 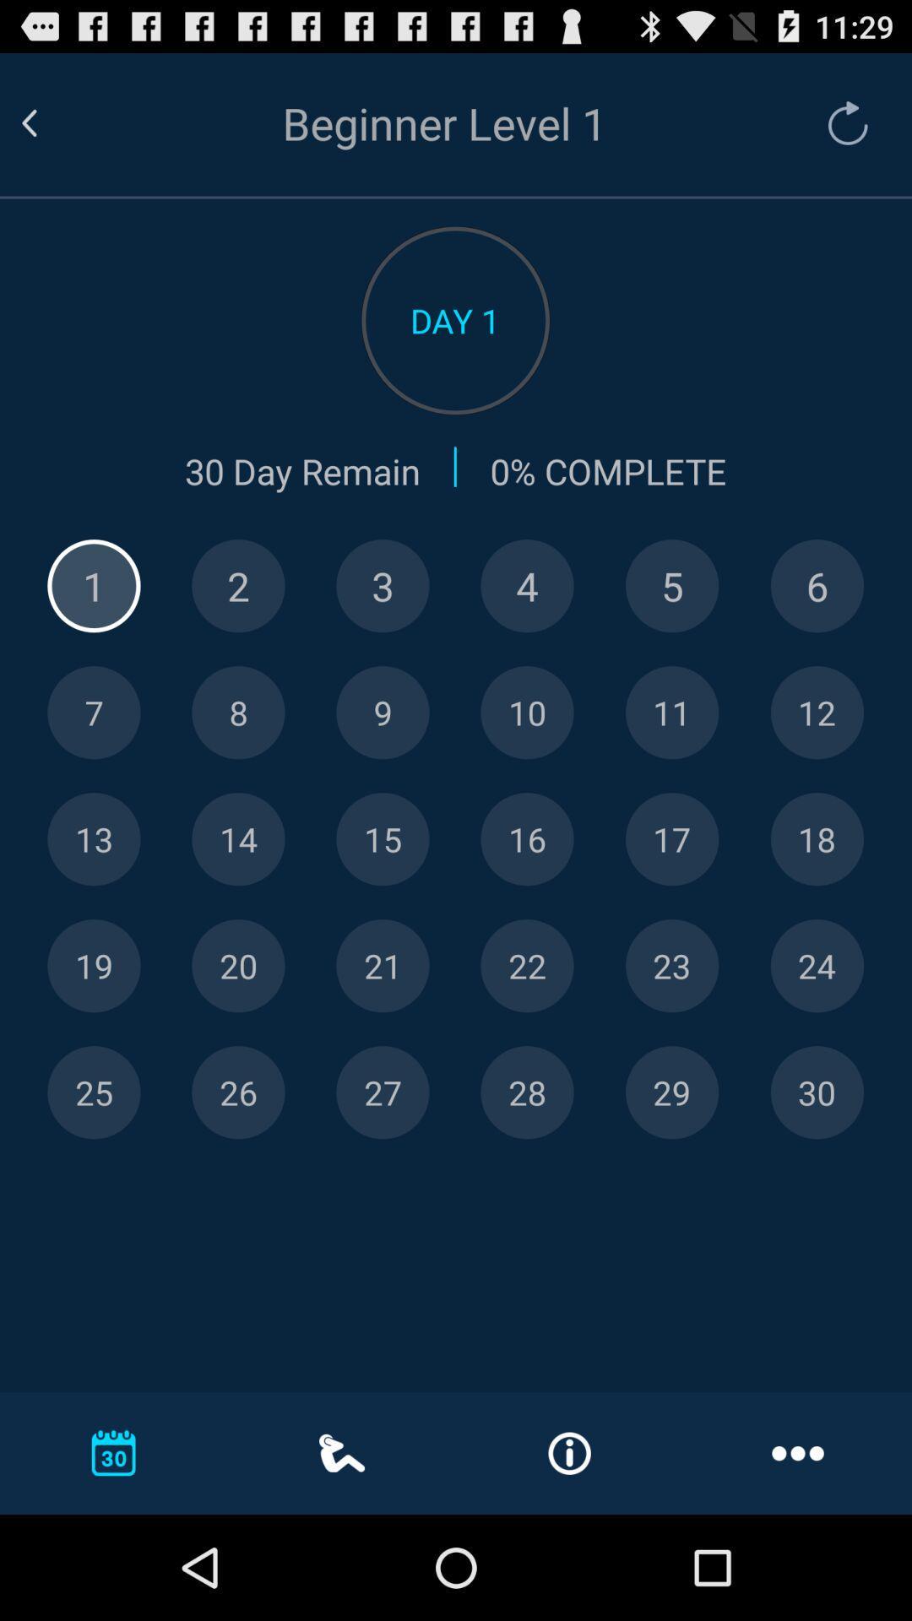 I want to click on choose a day, so click(x=816, y=713).